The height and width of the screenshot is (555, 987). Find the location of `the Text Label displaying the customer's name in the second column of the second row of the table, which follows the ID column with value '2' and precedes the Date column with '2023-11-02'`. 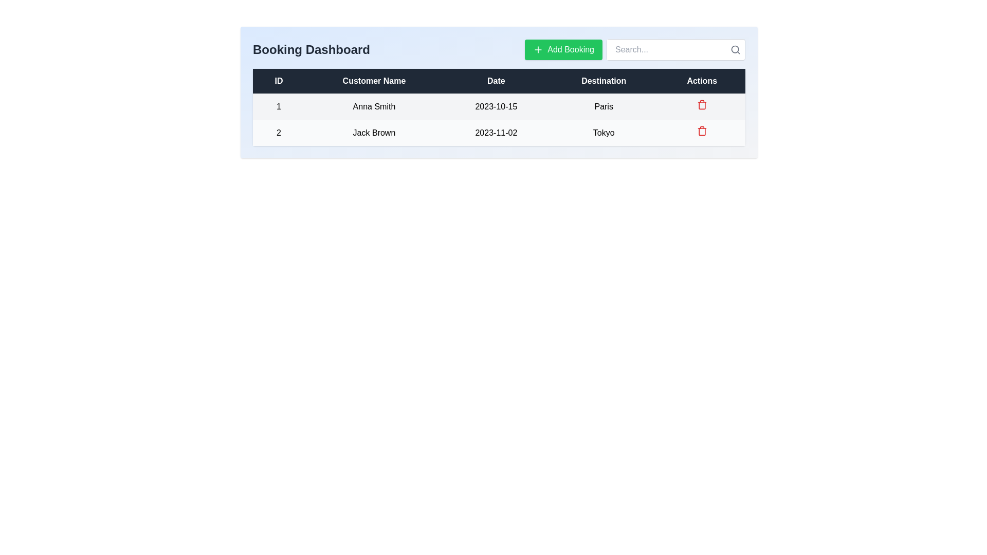

the Text Label displaying the customer's name in the second column of the second row of the table, which follows the ID column with value '2' and precedes the Date column with '2023-11-02' is located at coordinates (373, 132).